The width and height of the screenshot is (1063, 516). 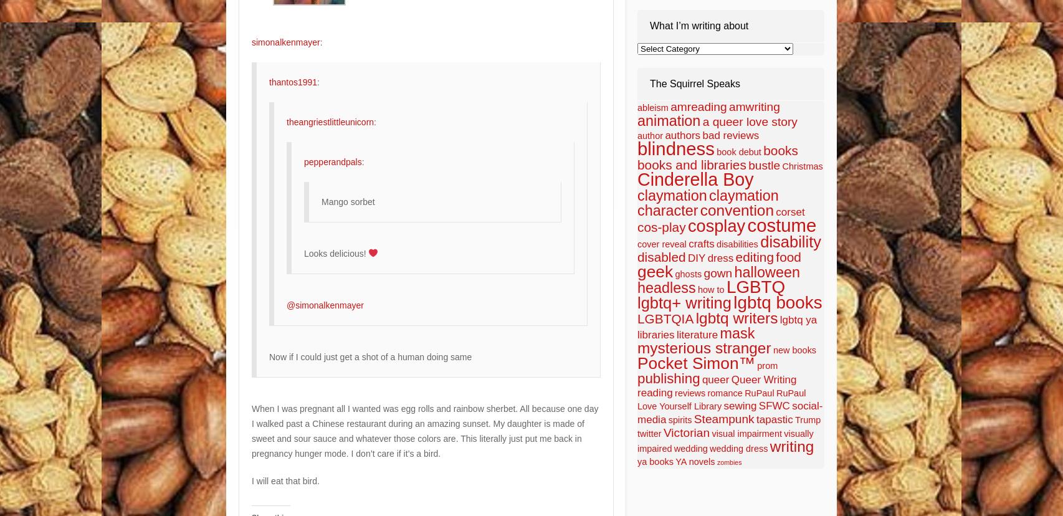 What do you see at coordinates (794, 350) in the screenshot?
I see `'new books'` at bounding box center [794, 350].